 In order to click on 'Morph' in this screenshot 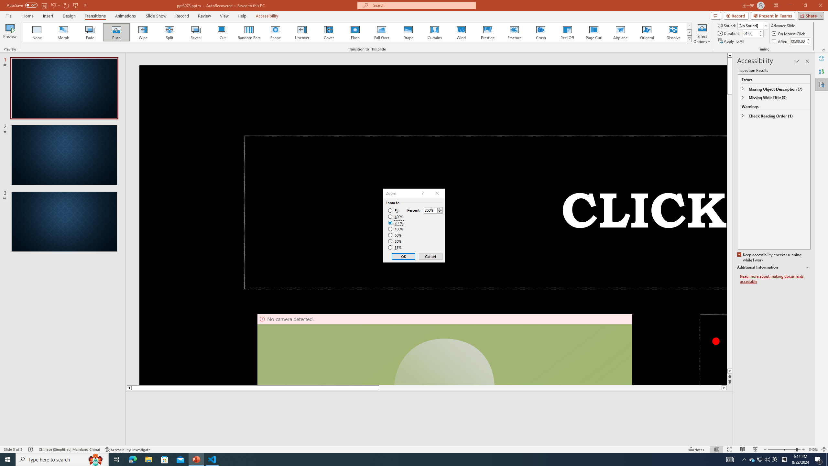, I will do `click(63, 32)`.